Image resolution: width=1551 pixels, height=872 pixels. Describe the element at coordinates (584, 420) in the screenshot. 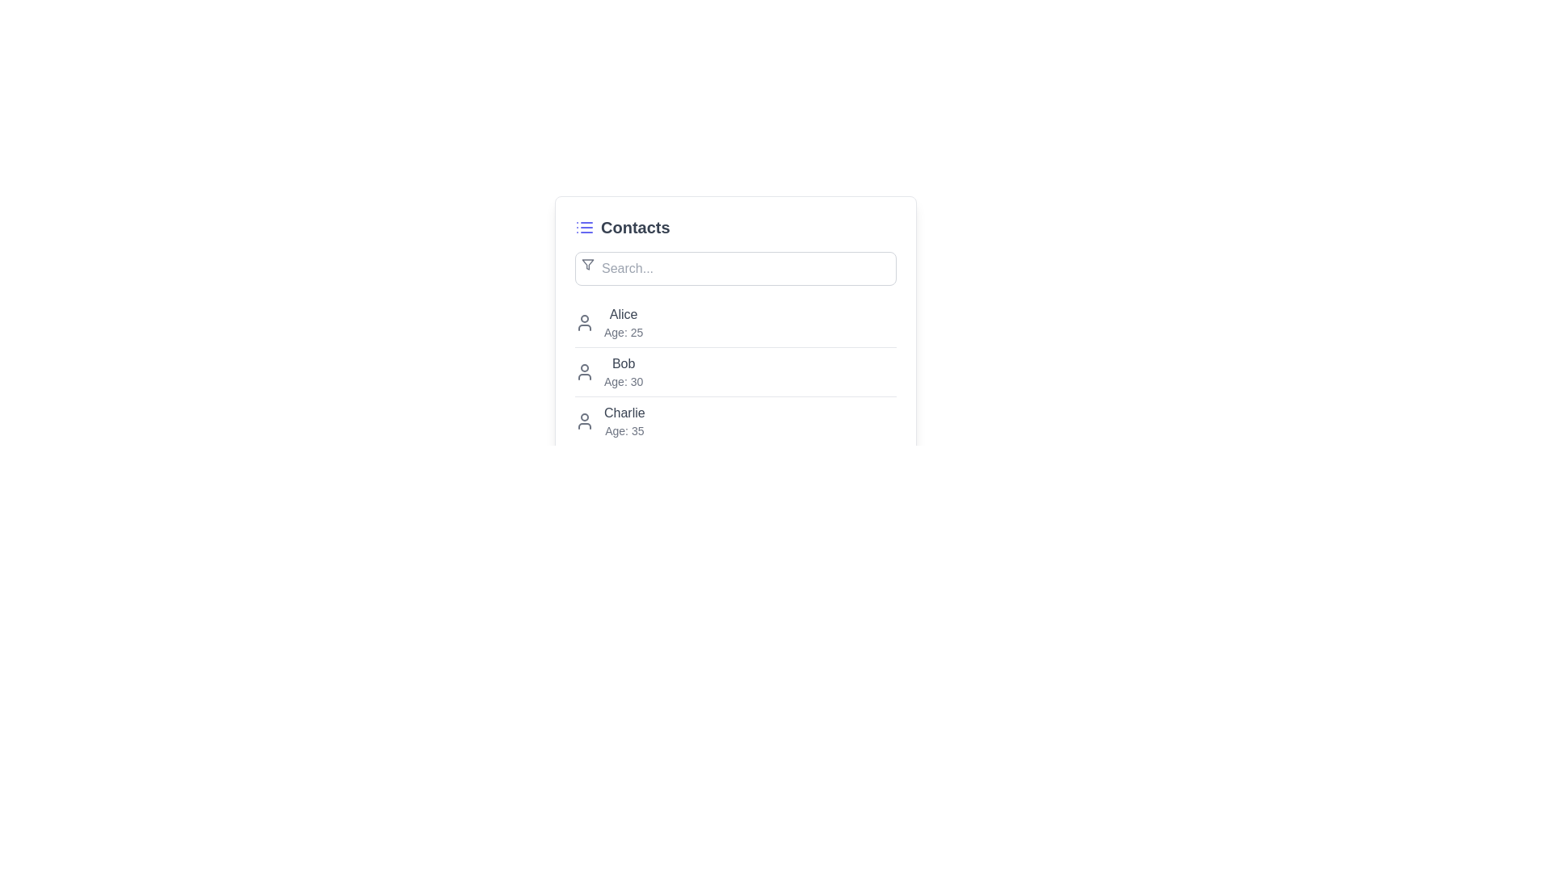

I see `the user profile icon located to the immediate left of the text displaying the name 'Charlie' and 'Age: 35' in the third row of the contact list` at that location.